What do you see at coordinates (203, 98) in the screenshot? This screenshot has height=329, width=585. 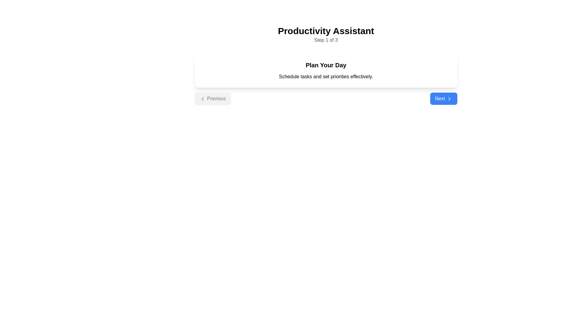 I see `the 'Previous' button located in the lower-left portion of the interface, which is accompanied by a leftward navigation icon` at bounding box center [203, 98].